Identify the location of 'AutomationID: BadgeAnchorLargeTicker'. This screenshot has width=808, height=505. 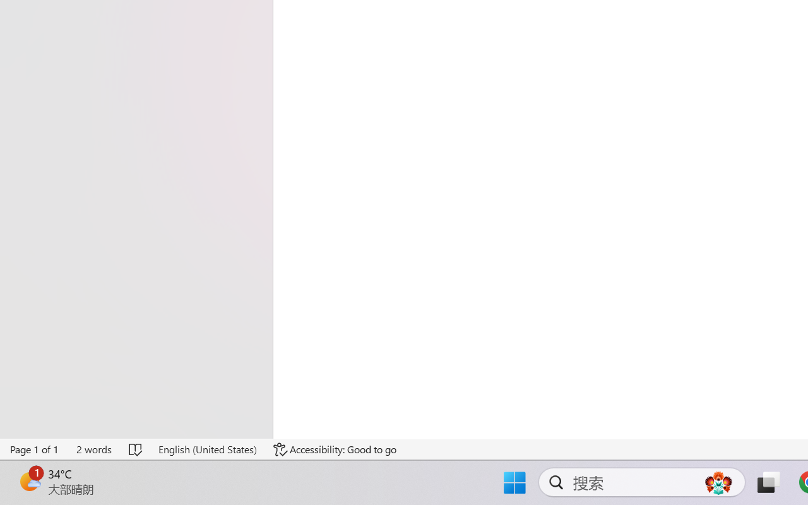
(29, 481).